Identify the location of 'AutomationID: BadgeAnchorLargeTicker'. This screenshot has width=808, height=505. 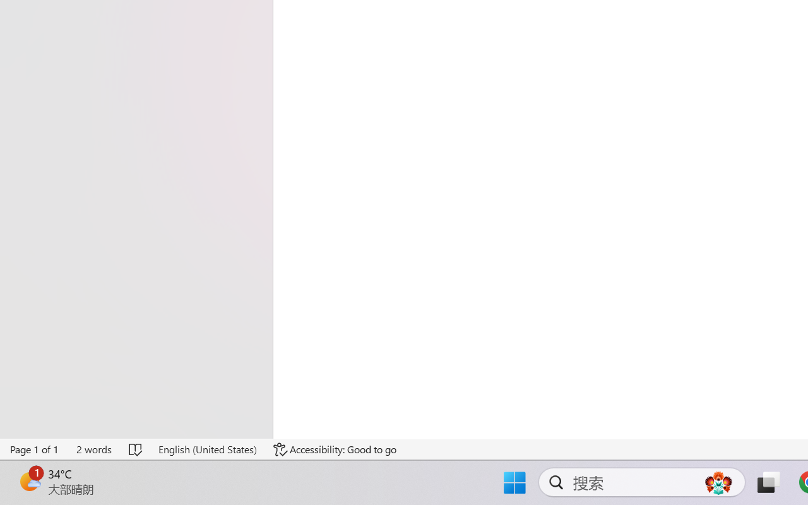
(29, 481).